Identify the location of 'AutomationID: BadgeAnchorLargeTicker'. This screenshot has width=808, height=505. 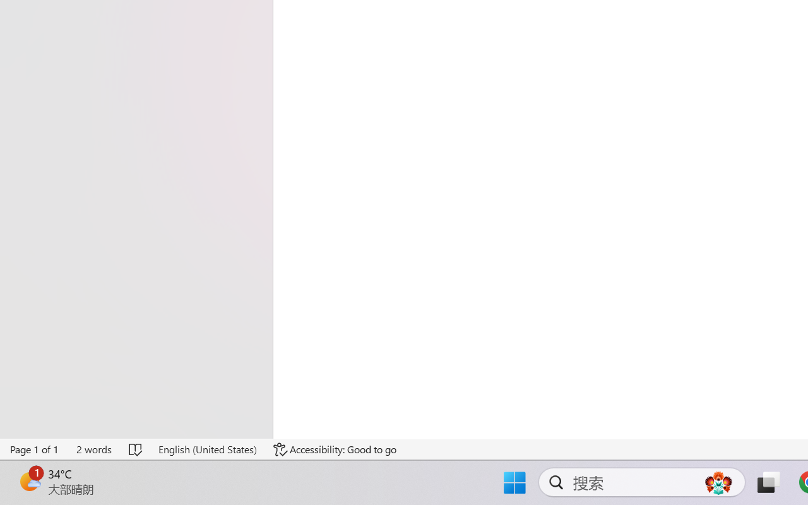
(29, 481).